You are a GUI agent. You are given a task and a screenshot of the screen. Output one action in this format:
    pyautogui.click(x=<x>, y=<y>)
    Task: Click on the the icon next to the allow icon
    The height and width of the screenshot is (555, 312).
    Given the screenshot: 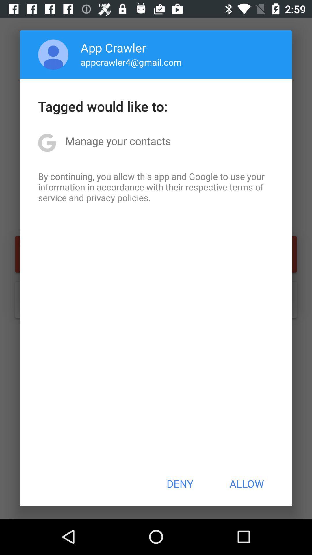 What is the action you would take?
    pyautogui.click(x=179, y=484)
    